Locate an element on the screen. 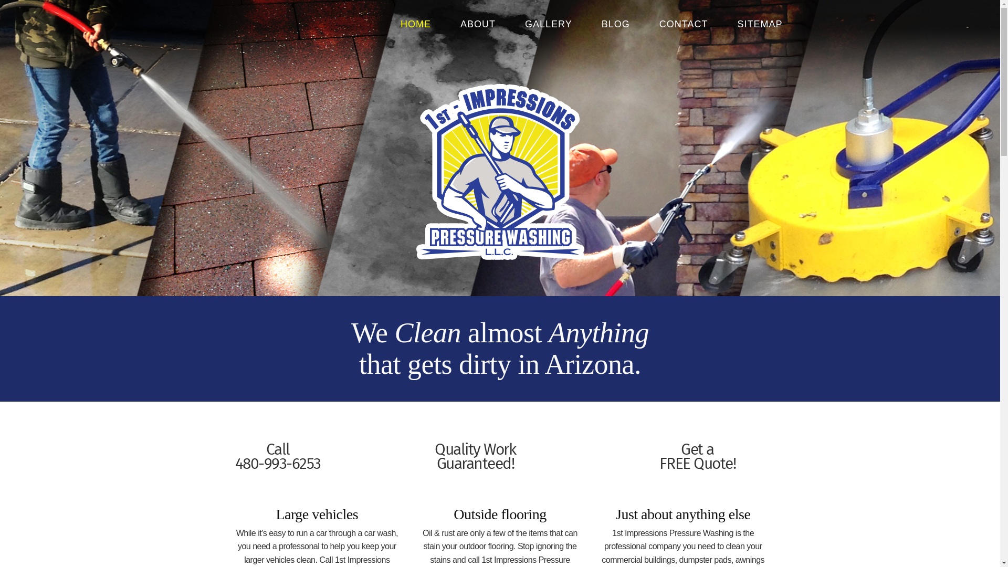 This screenshot has width=1008, height=567. 'Get a is located at coordinates (659, 457).